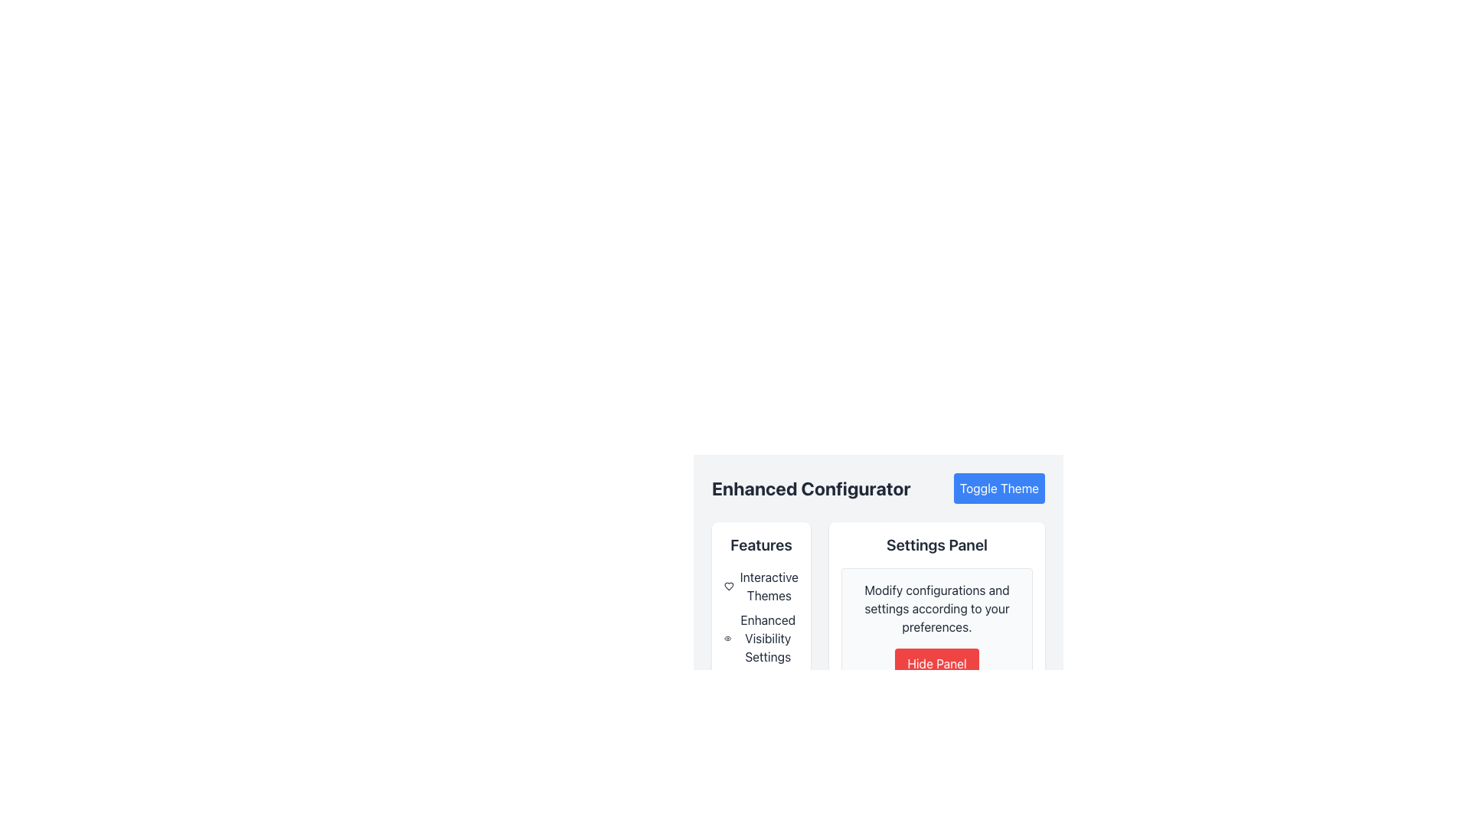  What do you see at coordinates (936, 629) in the screenshot?
I see `descriptive text 'Modify configurations and settings according to your preferences.' from the group element located in the 'Settings Panel' section below the 'Settings Panel' heading` at bounding box center [936, 629].